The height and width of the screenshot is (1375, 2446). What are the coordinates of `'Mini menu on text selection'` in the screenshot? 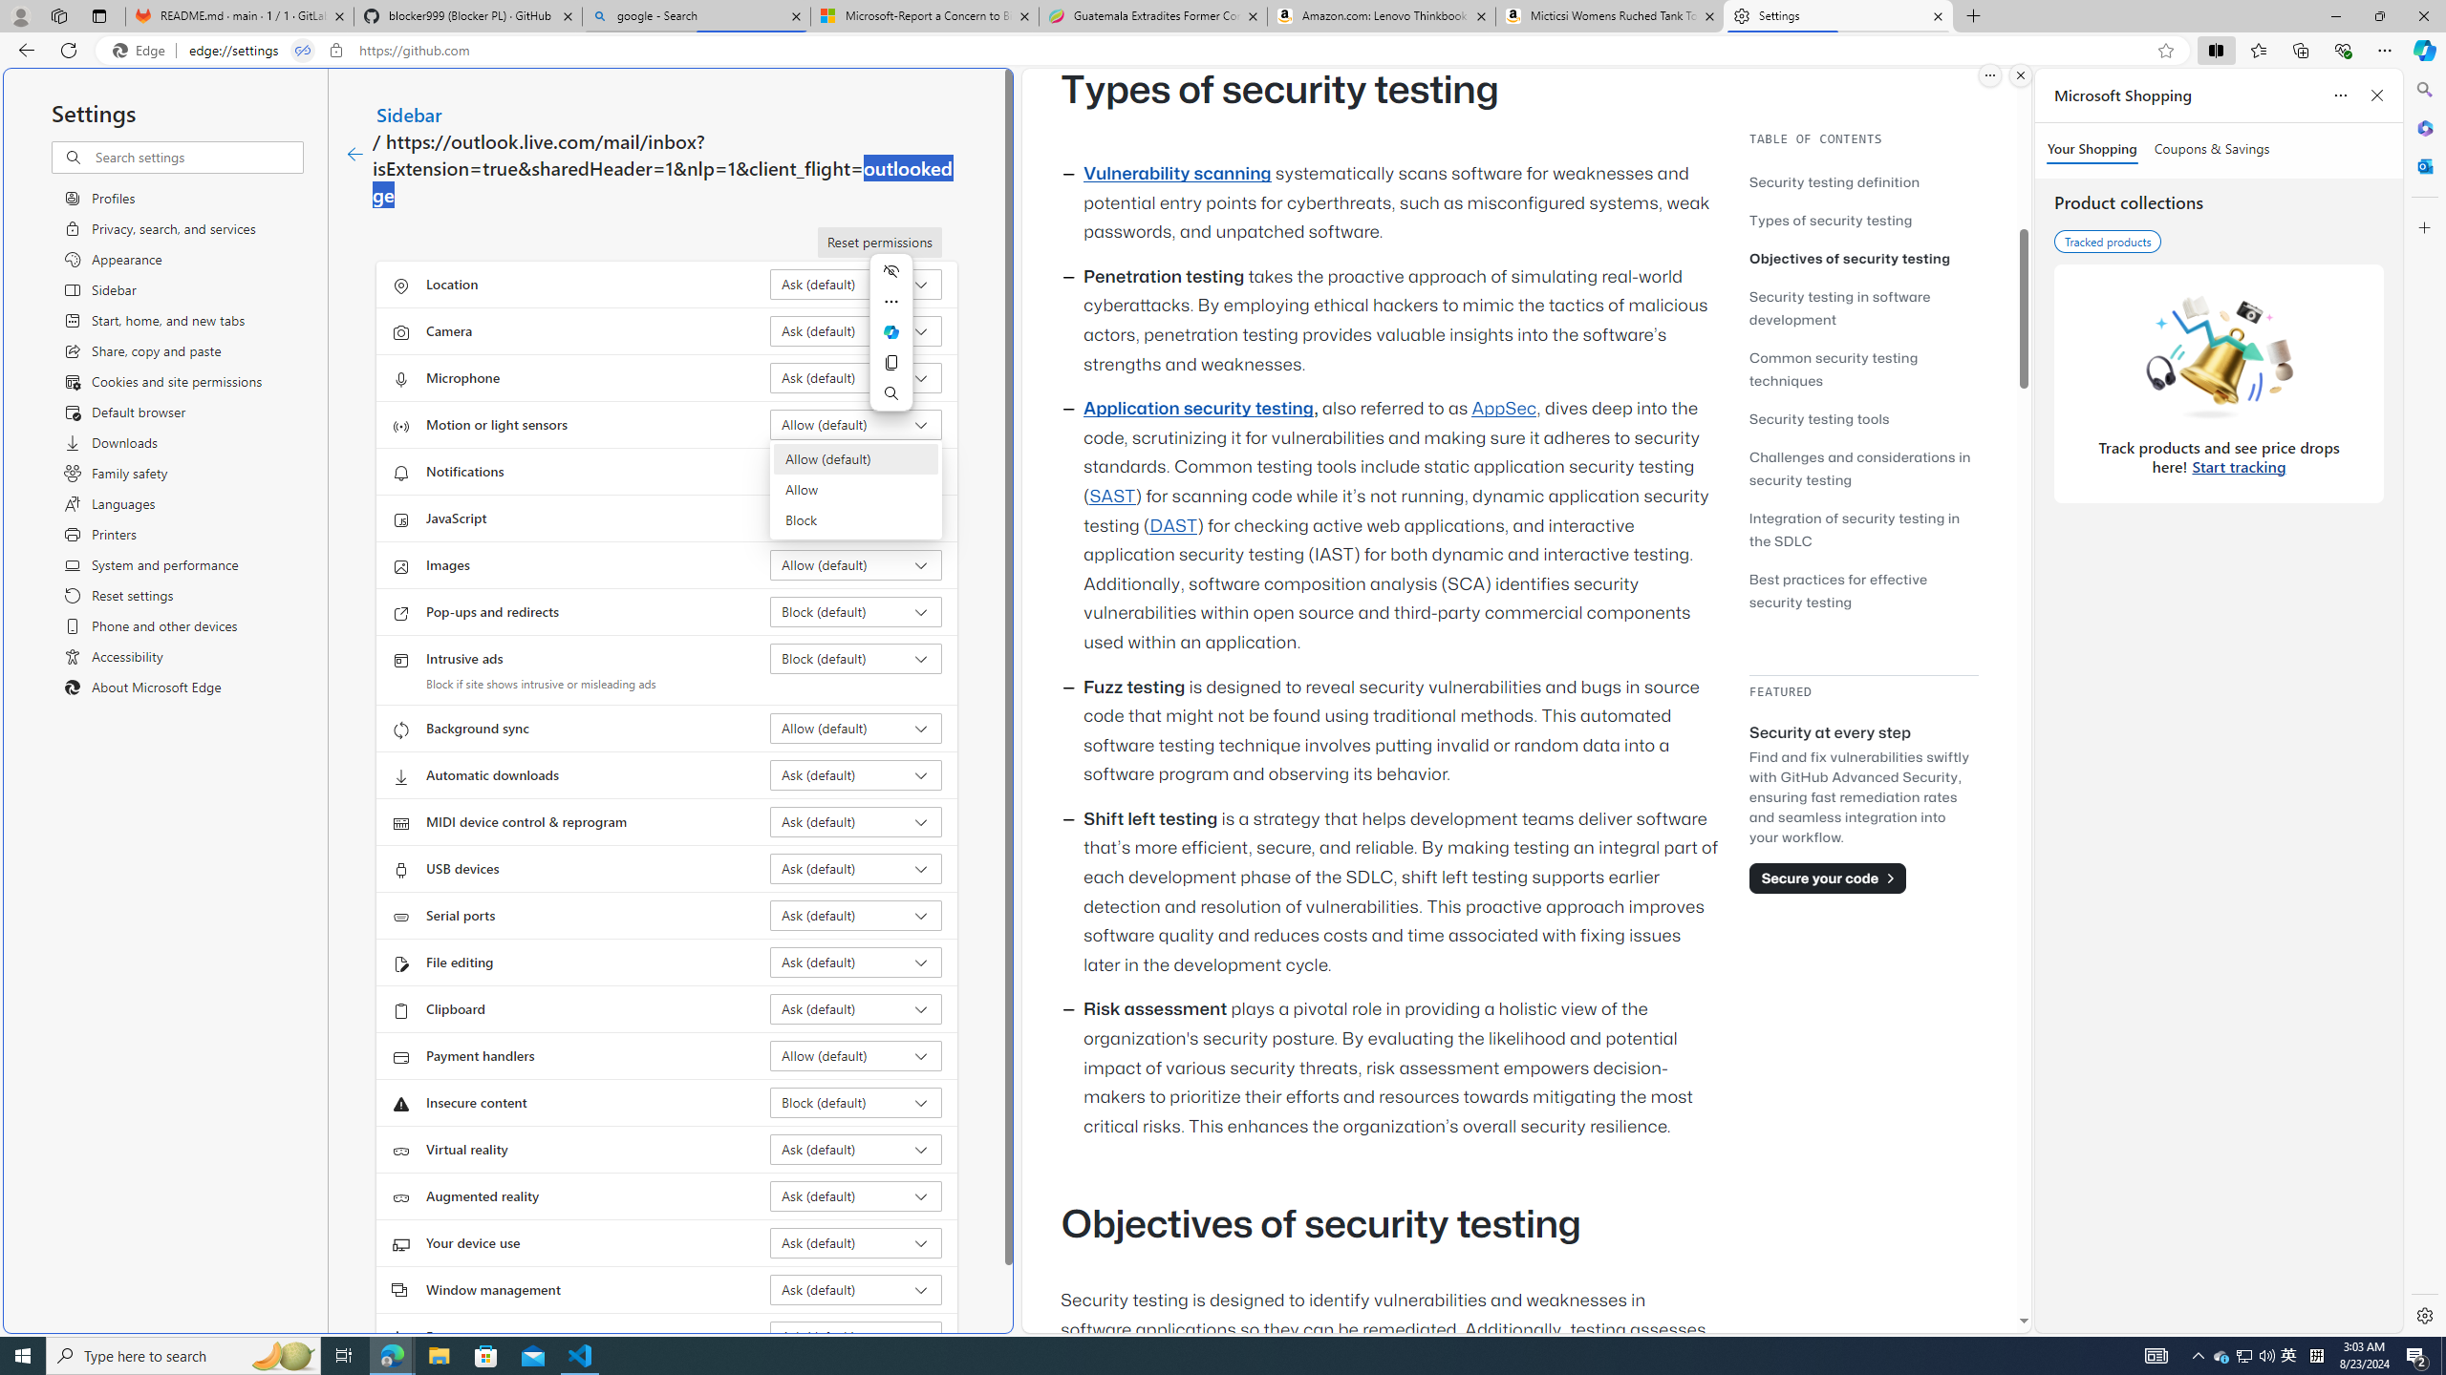 It's located at (891, 344).